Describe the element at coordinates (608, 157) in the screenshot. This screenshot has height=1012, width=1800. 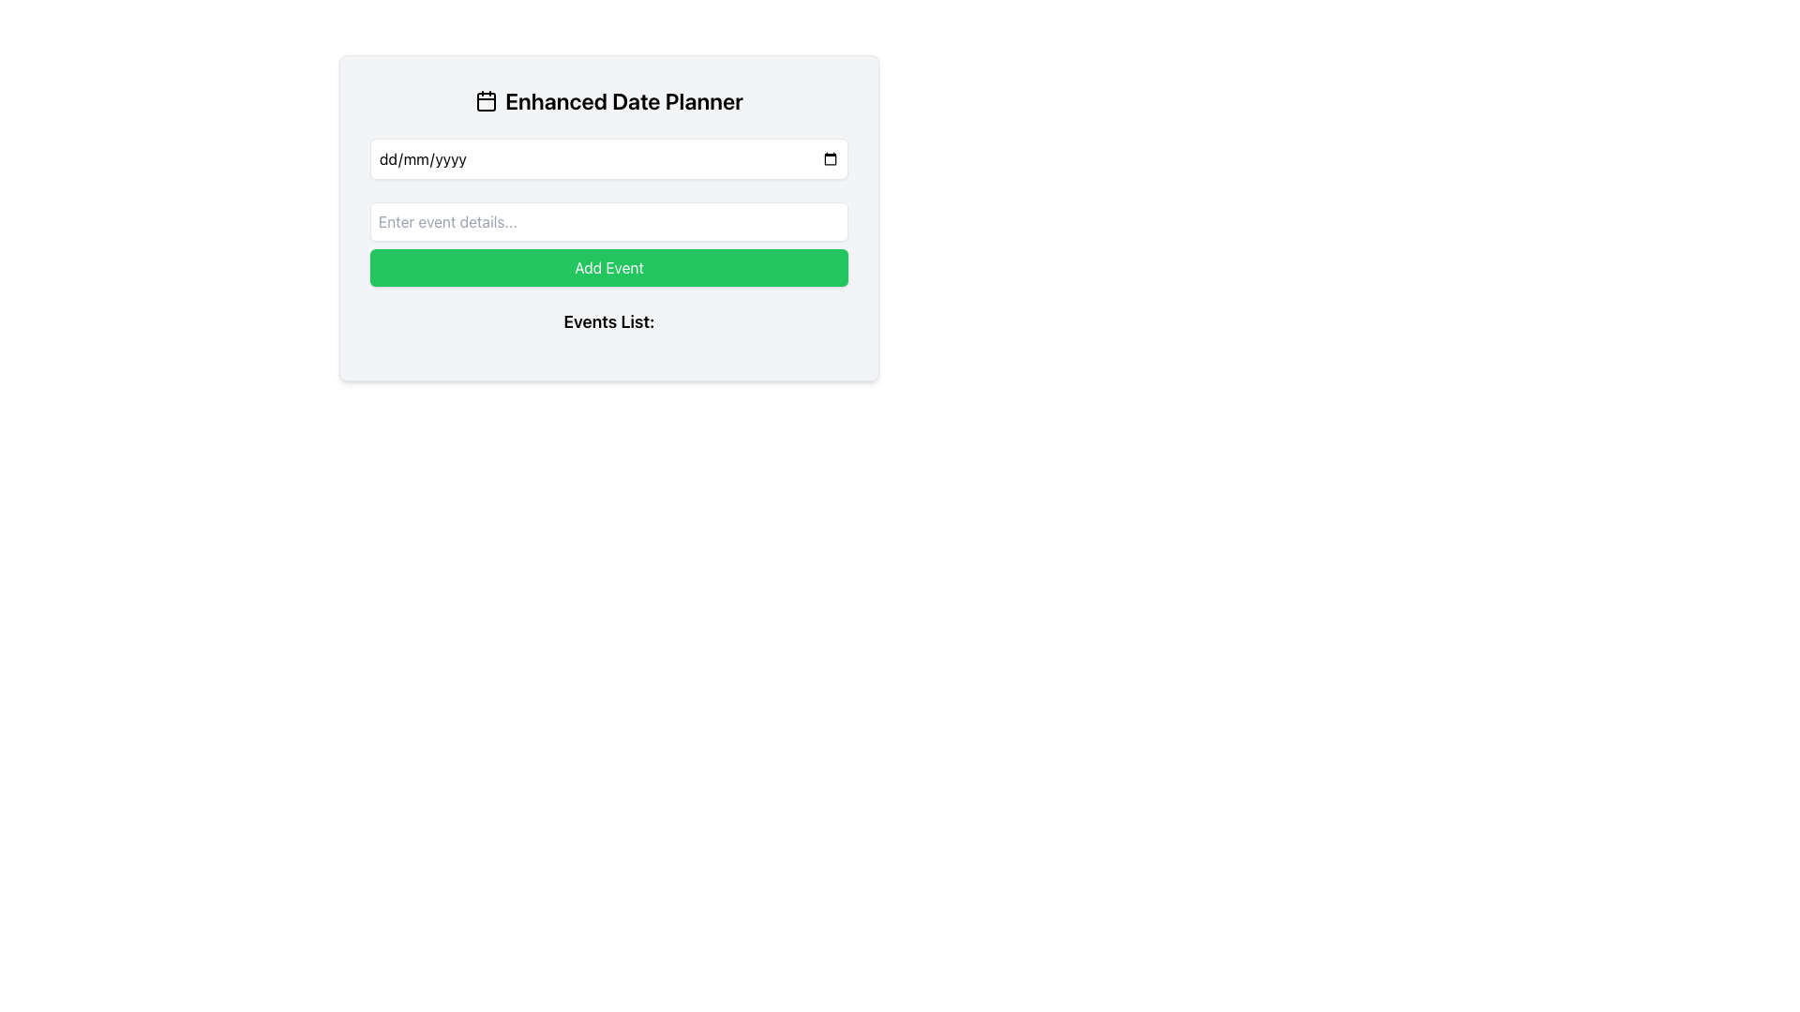
I see `the date input field with the placeholder 'dd/mm/yyyy'` at that location.